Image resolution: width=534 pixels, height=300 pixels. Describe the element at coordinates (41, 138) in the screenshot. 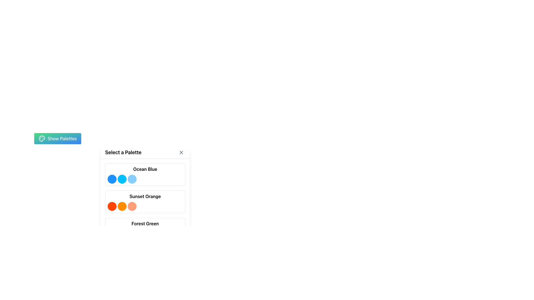

I see `the palette icon located within the 'Show Palettes' button, positioned at the leftmost area before the text label` at that location.